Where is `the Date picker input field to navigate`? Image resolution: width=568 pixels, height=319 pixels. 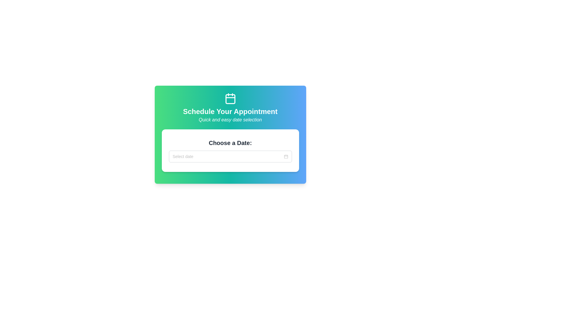
the Date picker input field to navigate is located at coordinates (230, 156).